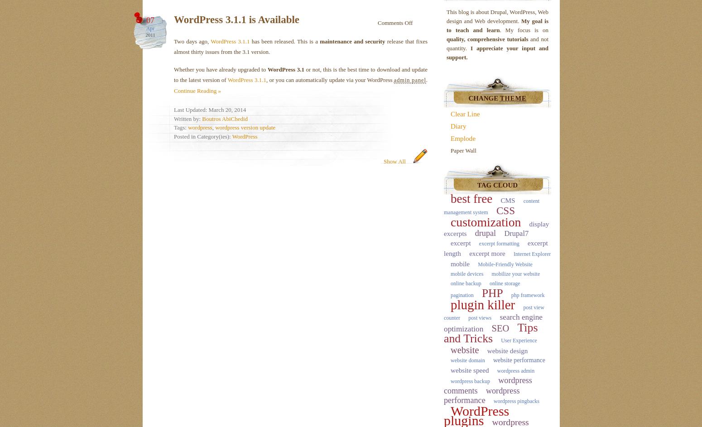 This screenshot has width=702, height=427. I want to click on 'wordpress pingbacks', so click(515, 401).